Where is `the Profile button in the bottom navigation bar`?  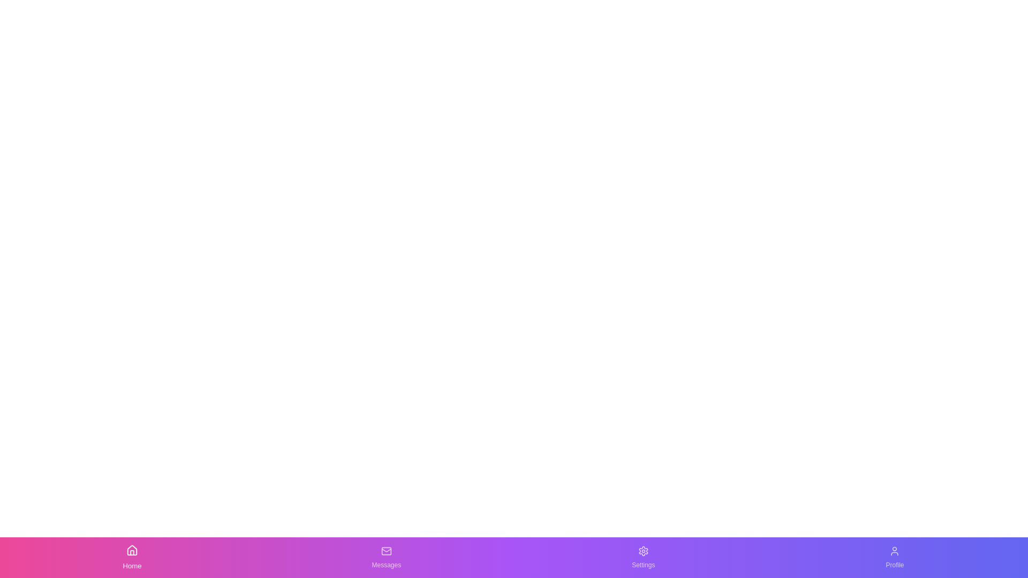
the Profile button in the bottom navigation bar is located at coordinates (894, 557).